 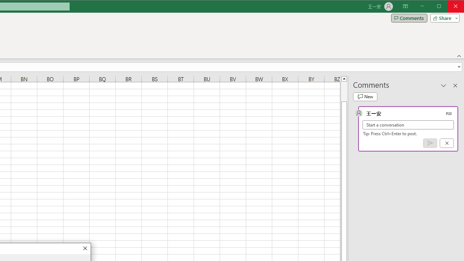 I want to click on 'Close pane', so click(x=455, y=85).